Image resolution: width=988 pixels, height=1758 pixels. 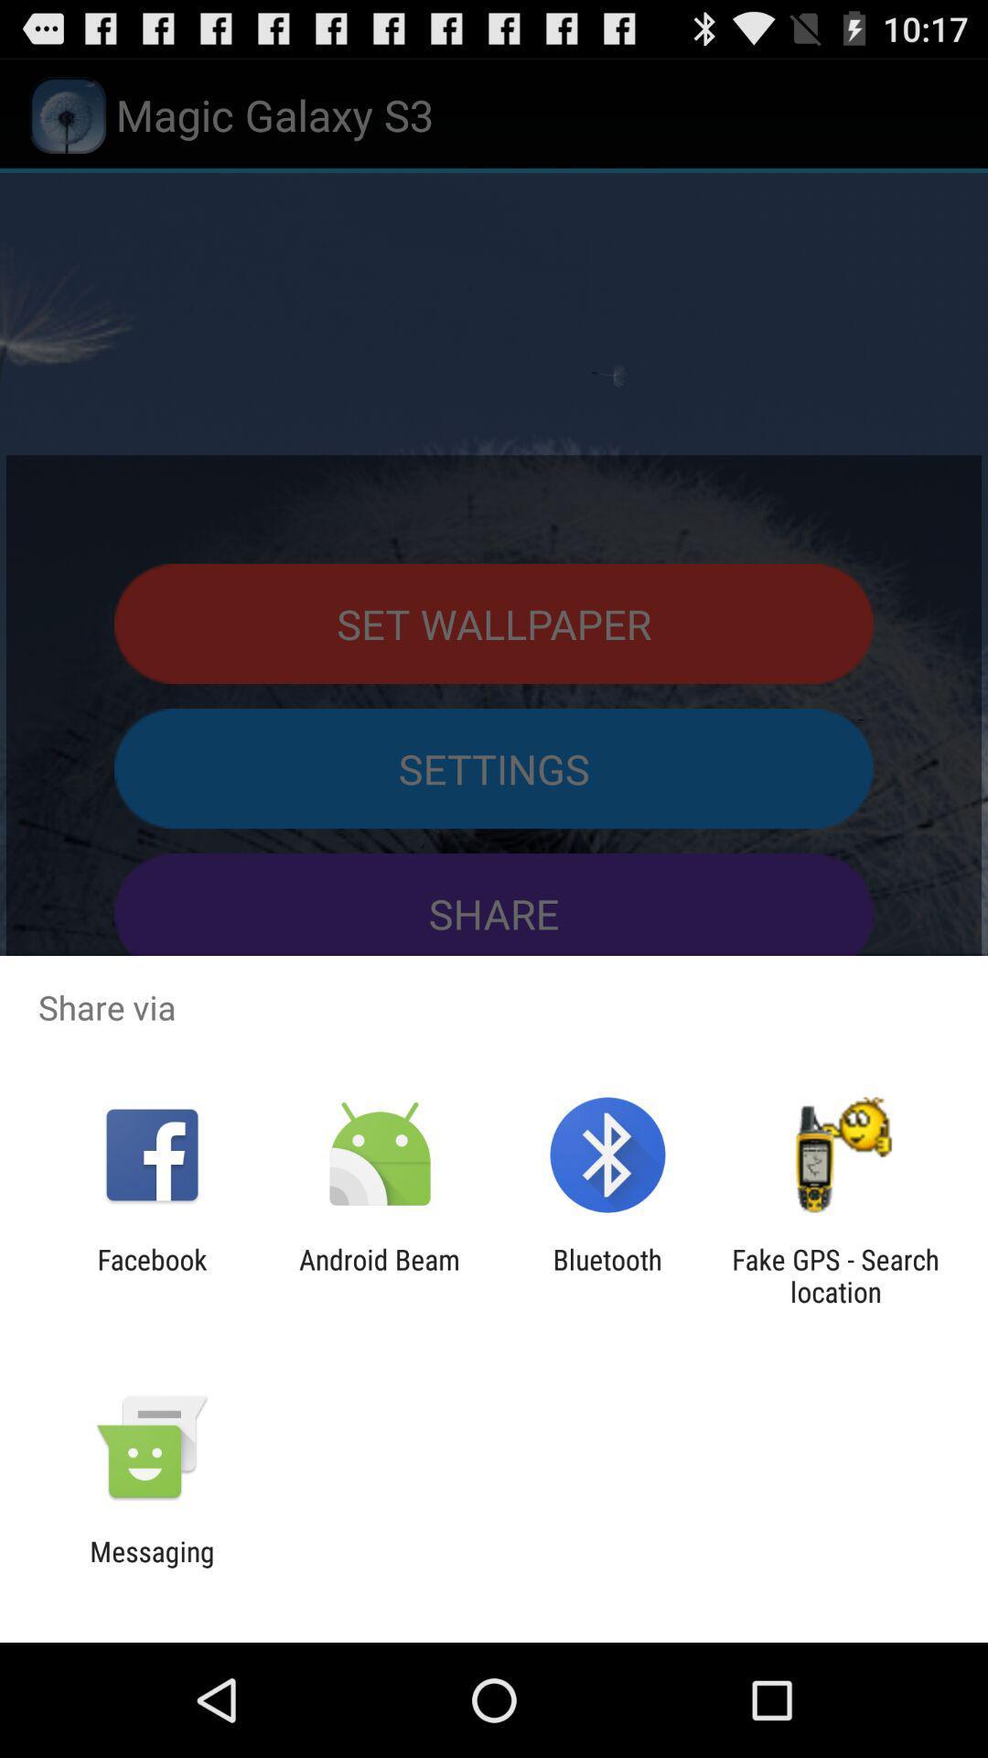 What do you see at coordinates (379, 1275) in the screenshot?
I see `app next to the bluetooth app` at bounding box center [379, 1275].